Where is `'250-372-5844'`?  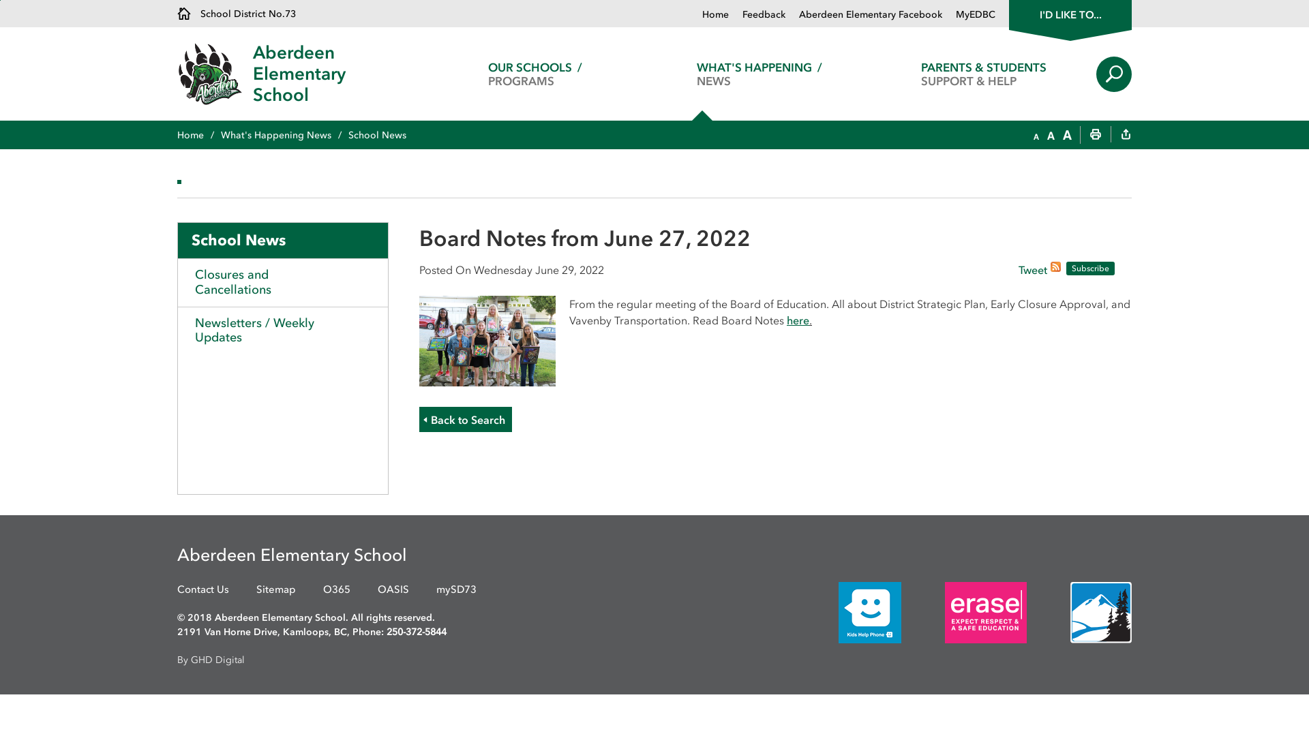 '250-372-5844' is located at coordinates (415, 632).